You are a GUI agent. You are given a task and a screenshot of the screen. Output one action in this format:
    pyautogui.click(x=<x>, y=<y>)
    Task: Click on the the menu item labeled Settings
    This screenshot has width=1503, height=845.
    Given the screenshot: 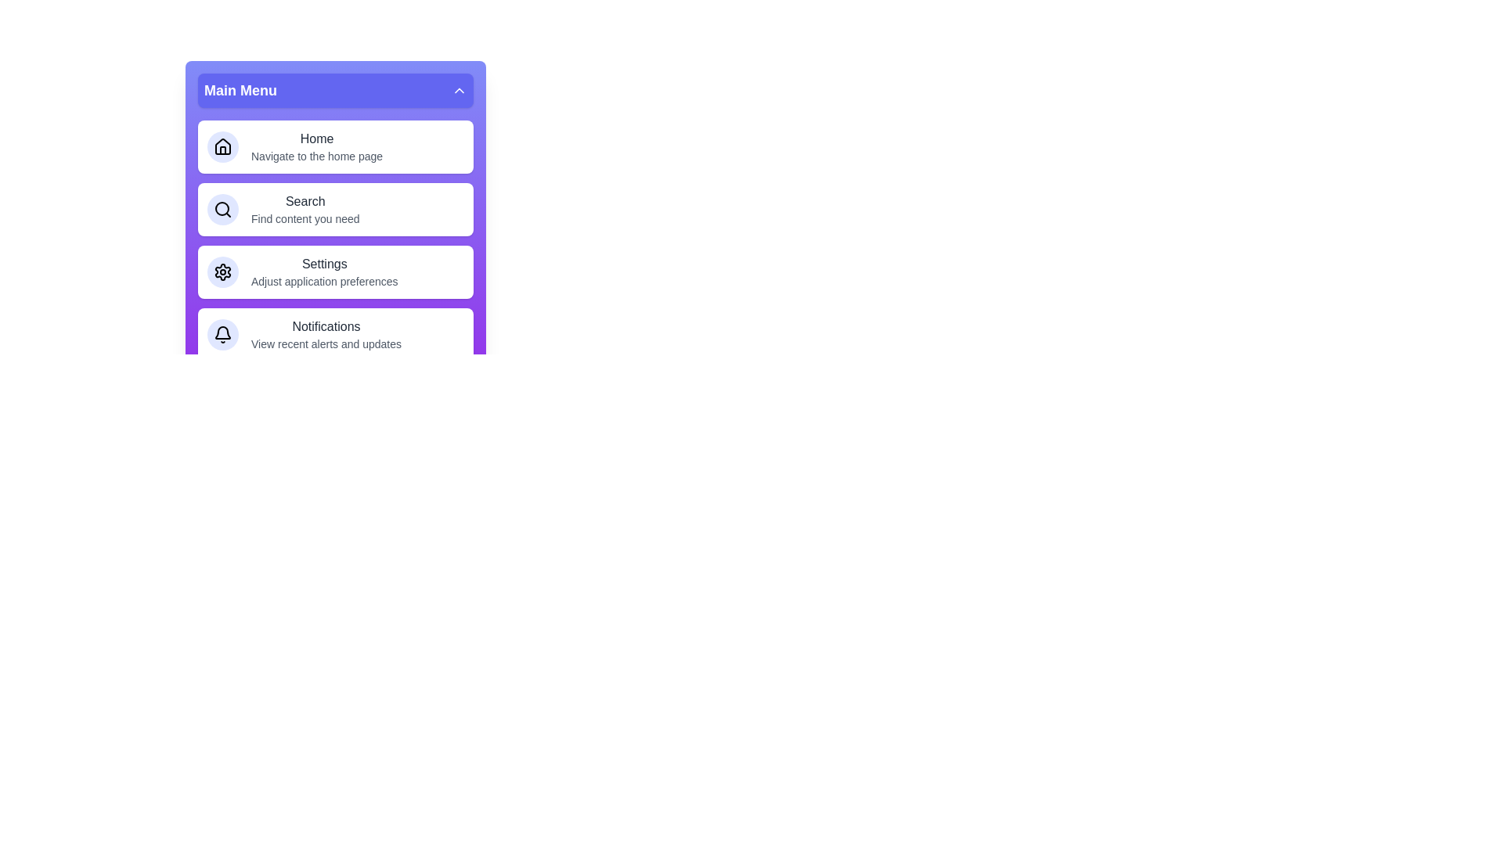 What is the action you would take?
    pyautogui.click(x=334, y=271)
    